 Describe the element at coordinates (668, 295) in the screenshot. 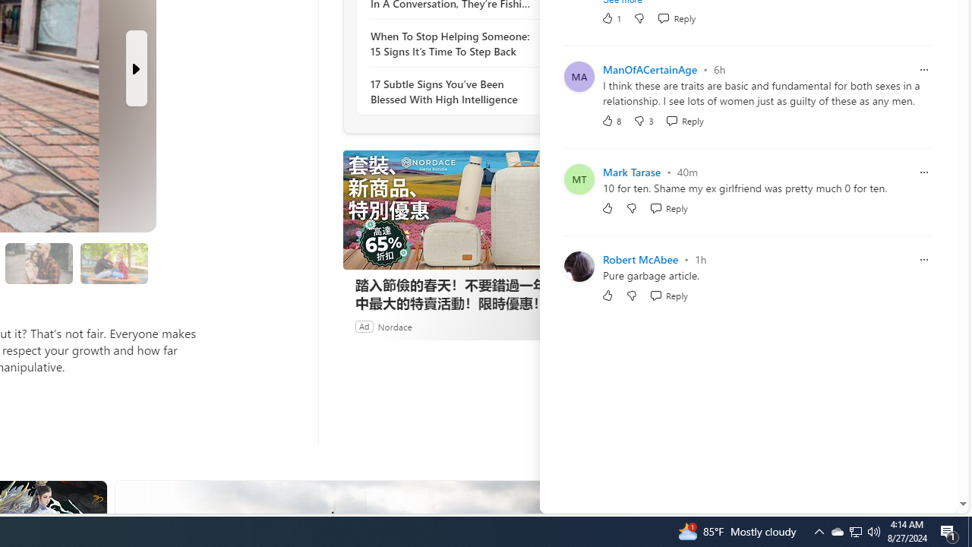

I see `'Reply Reply Comment'` at that location.